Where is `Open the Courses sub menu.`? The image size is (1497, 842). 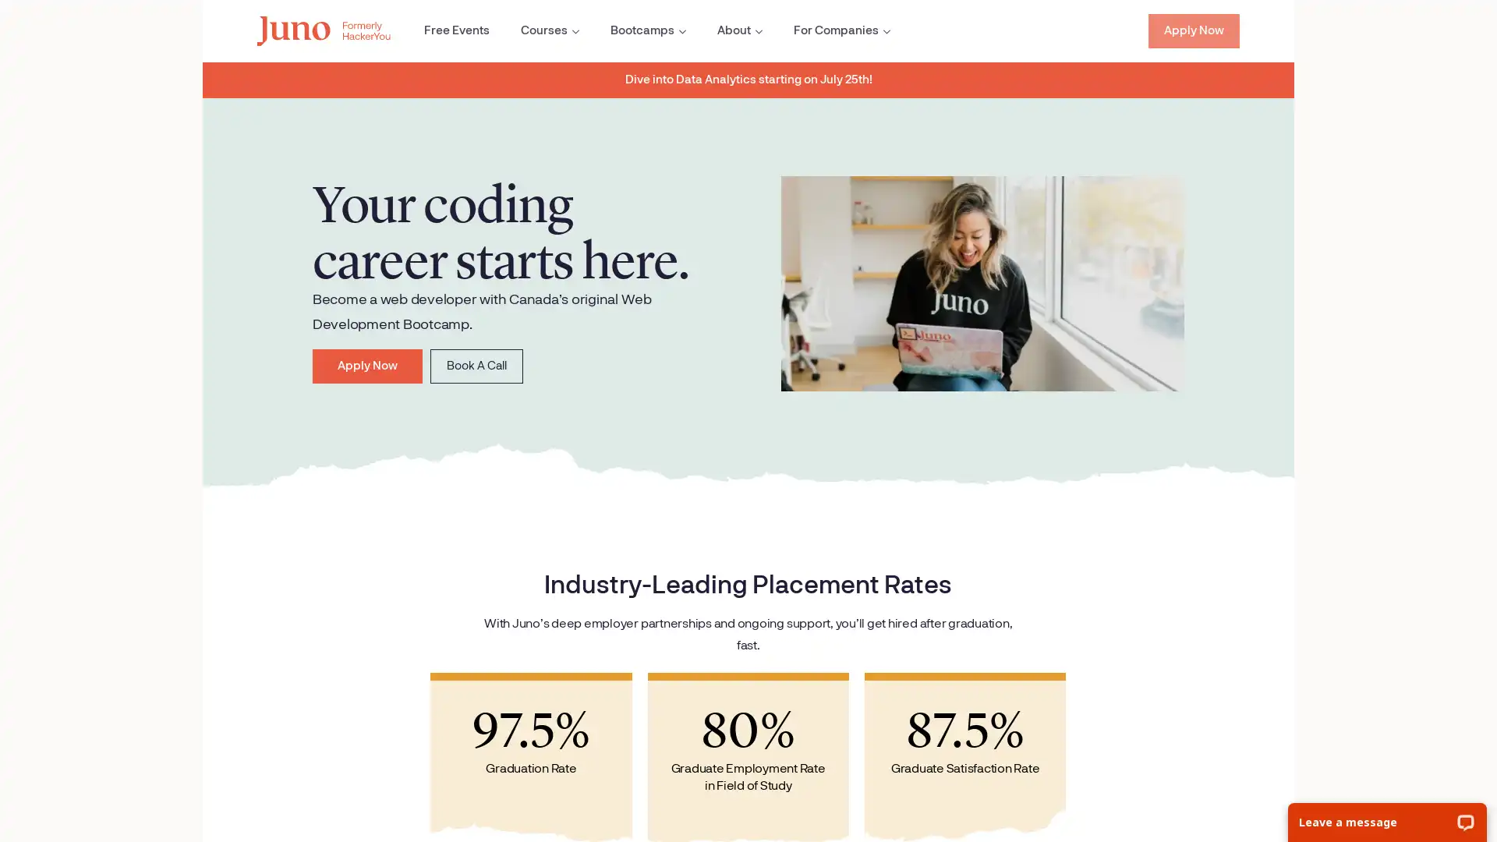
Open the Courses sub menu. is located at coordinates (536, 30).